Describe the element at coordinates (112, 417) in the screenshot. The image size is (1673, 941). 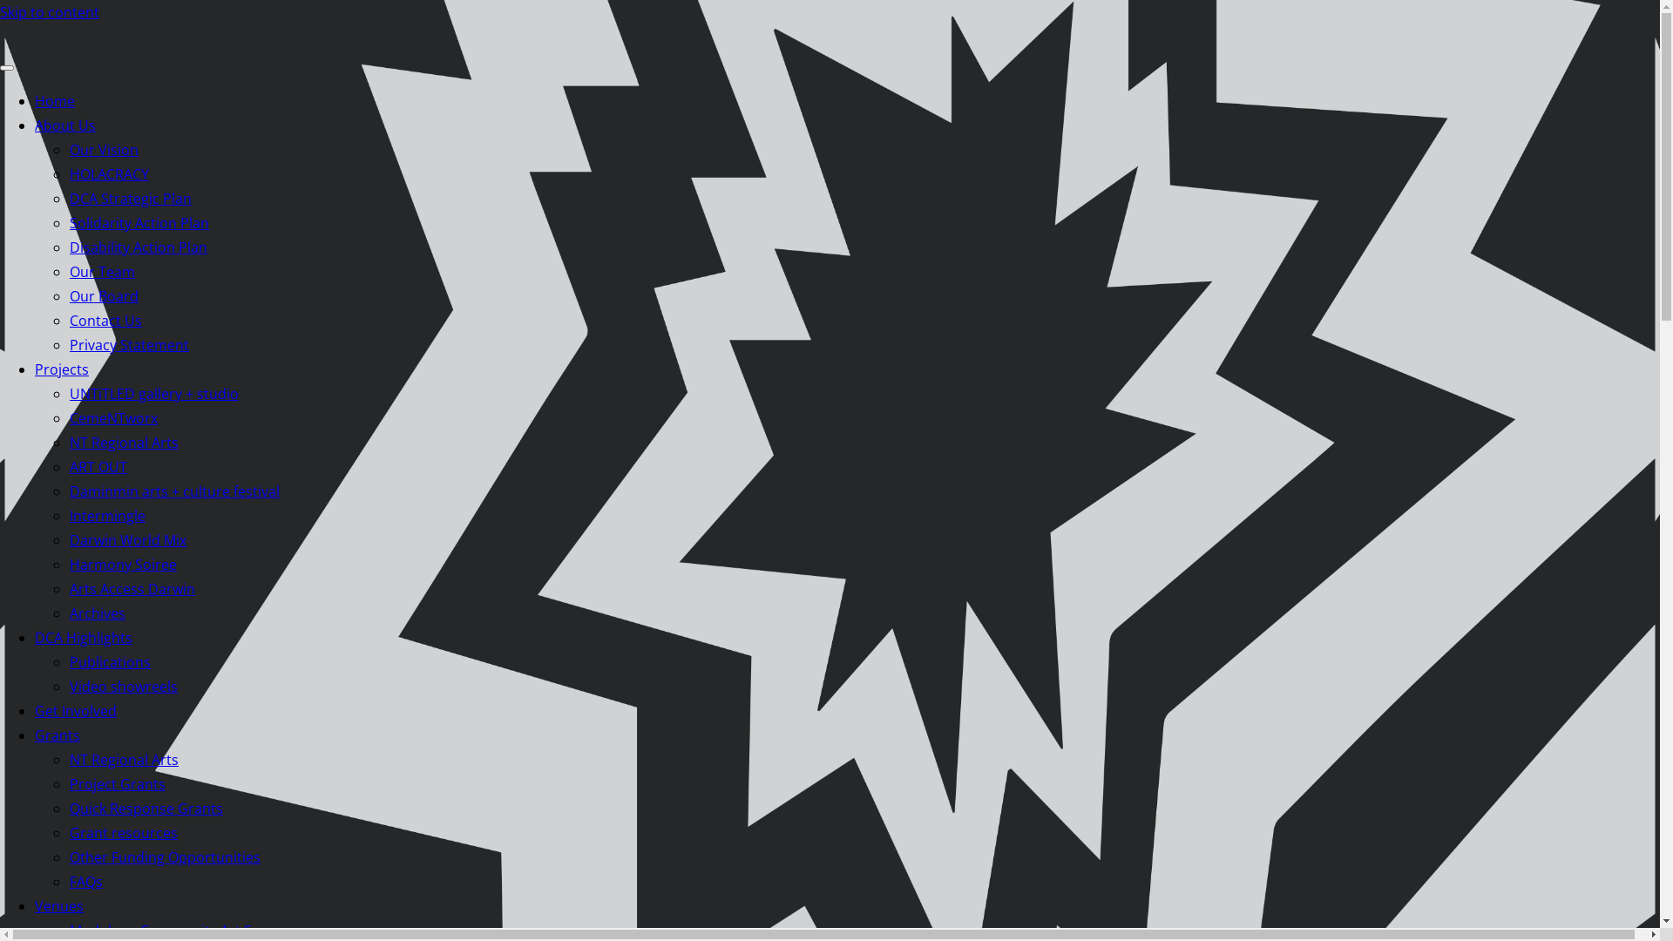
I see `'CemeNTworx'` at that location.